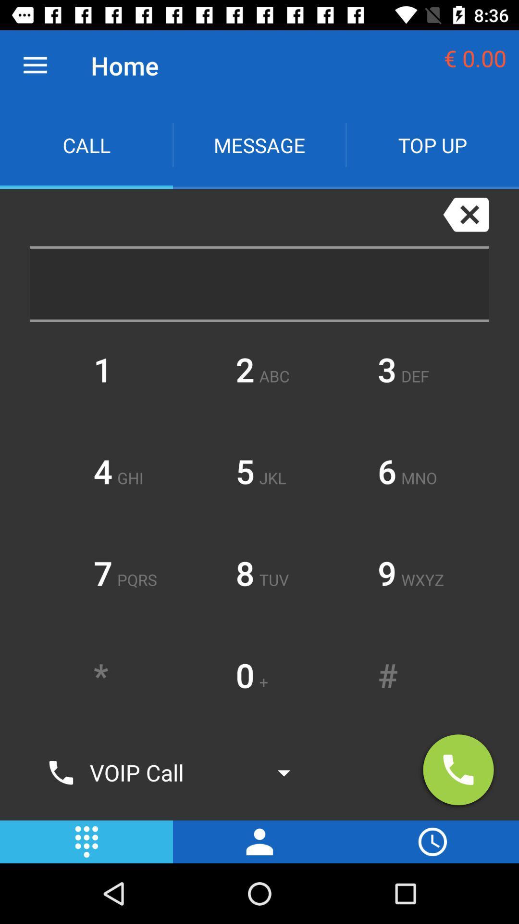 Image resolution: width=519 pixels, height=924 pixels. Describe the element at coordinates (86, 841) in the screenshot. I see `the more icon` at that location.